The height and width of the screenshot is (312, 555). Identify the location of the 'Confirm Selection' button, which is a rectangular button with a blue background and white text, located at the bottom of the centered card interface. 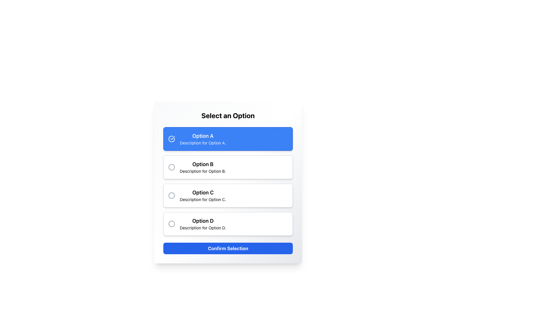
(227, 248).